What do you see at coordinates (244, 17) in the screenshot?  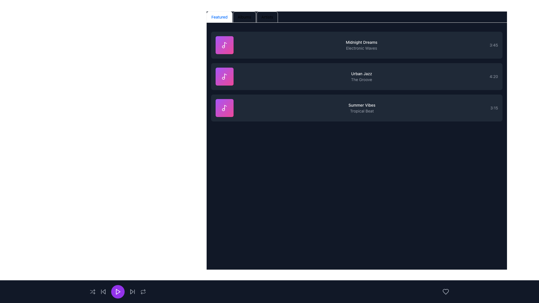 I see `the 'Albums' tab, which is the second tab in a horizontal tab group located at the top of a dark-themed interface` at bounding box center [244, 17].